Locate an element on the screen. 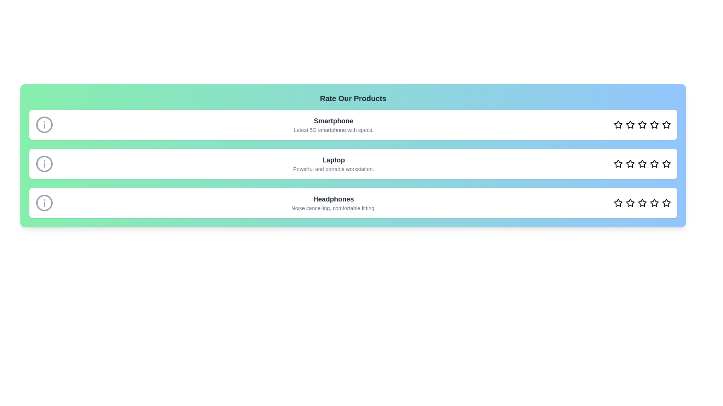 The height and width of the screenshot is (406, 723). the fourth star in the star rating system is located at coordinates (642, 124).